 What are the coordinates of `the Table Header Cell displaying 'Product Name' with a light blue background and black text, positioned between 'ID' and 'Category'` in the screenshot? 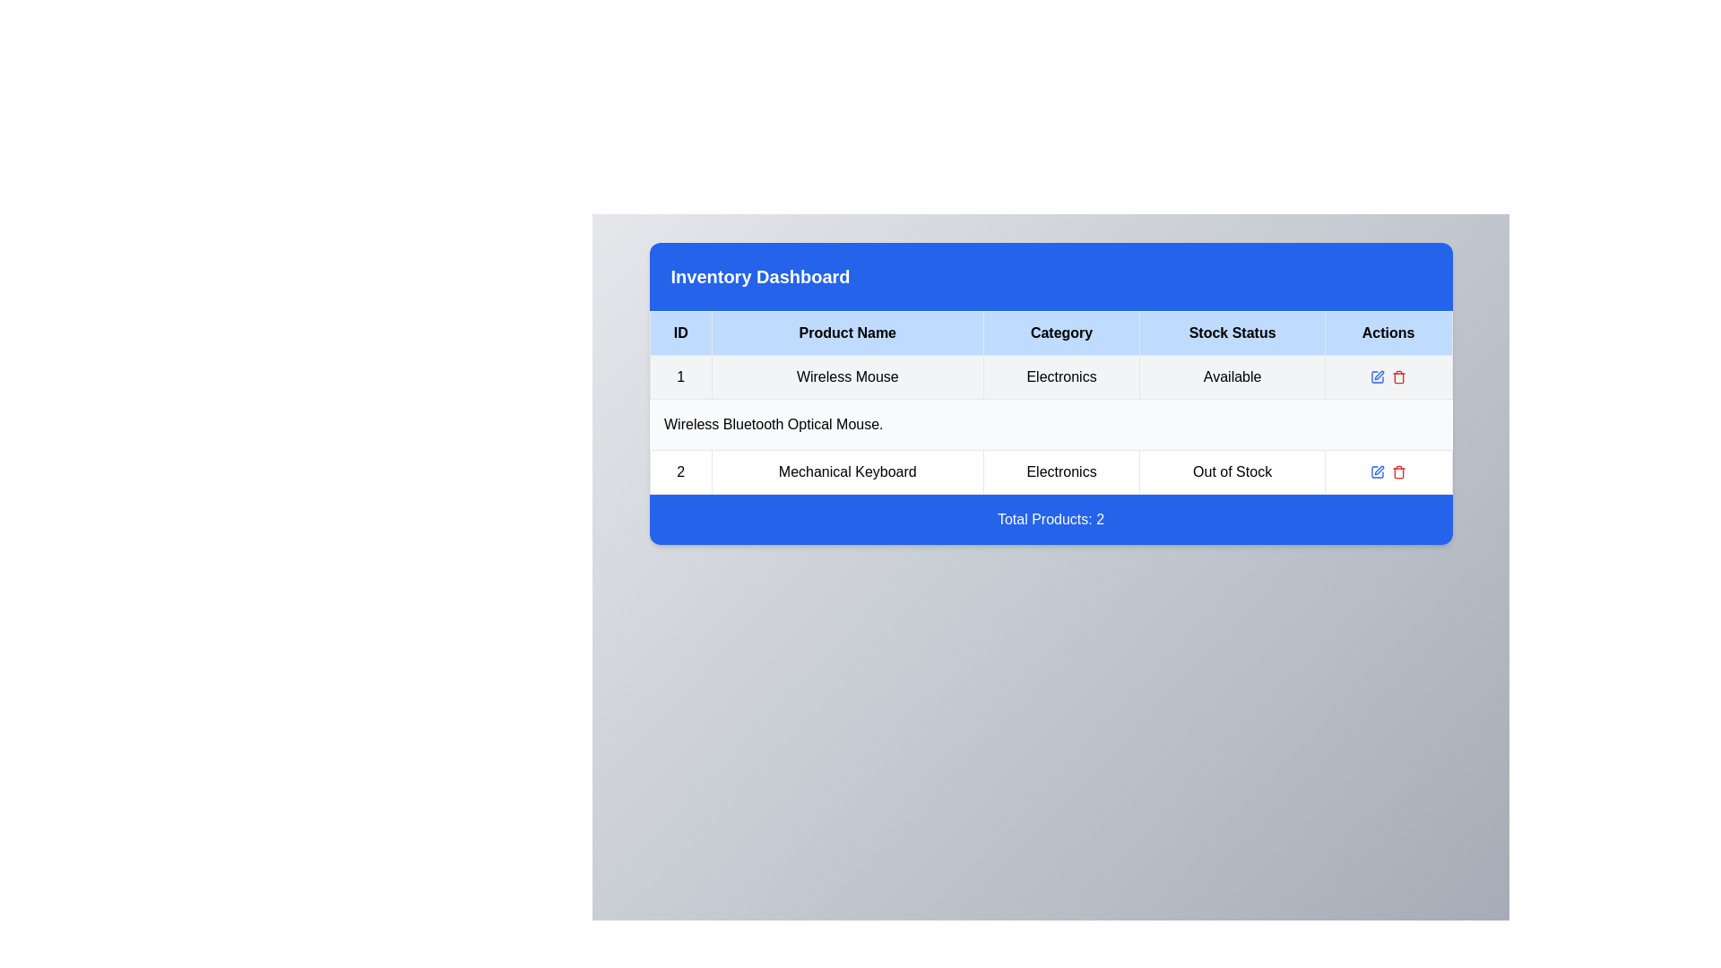 It's located at (846, 333).